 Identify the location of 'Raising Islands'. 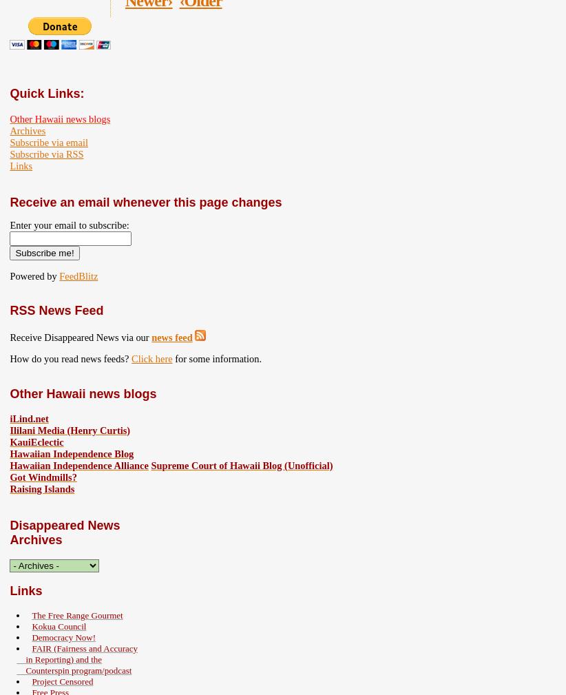
(41, 488).